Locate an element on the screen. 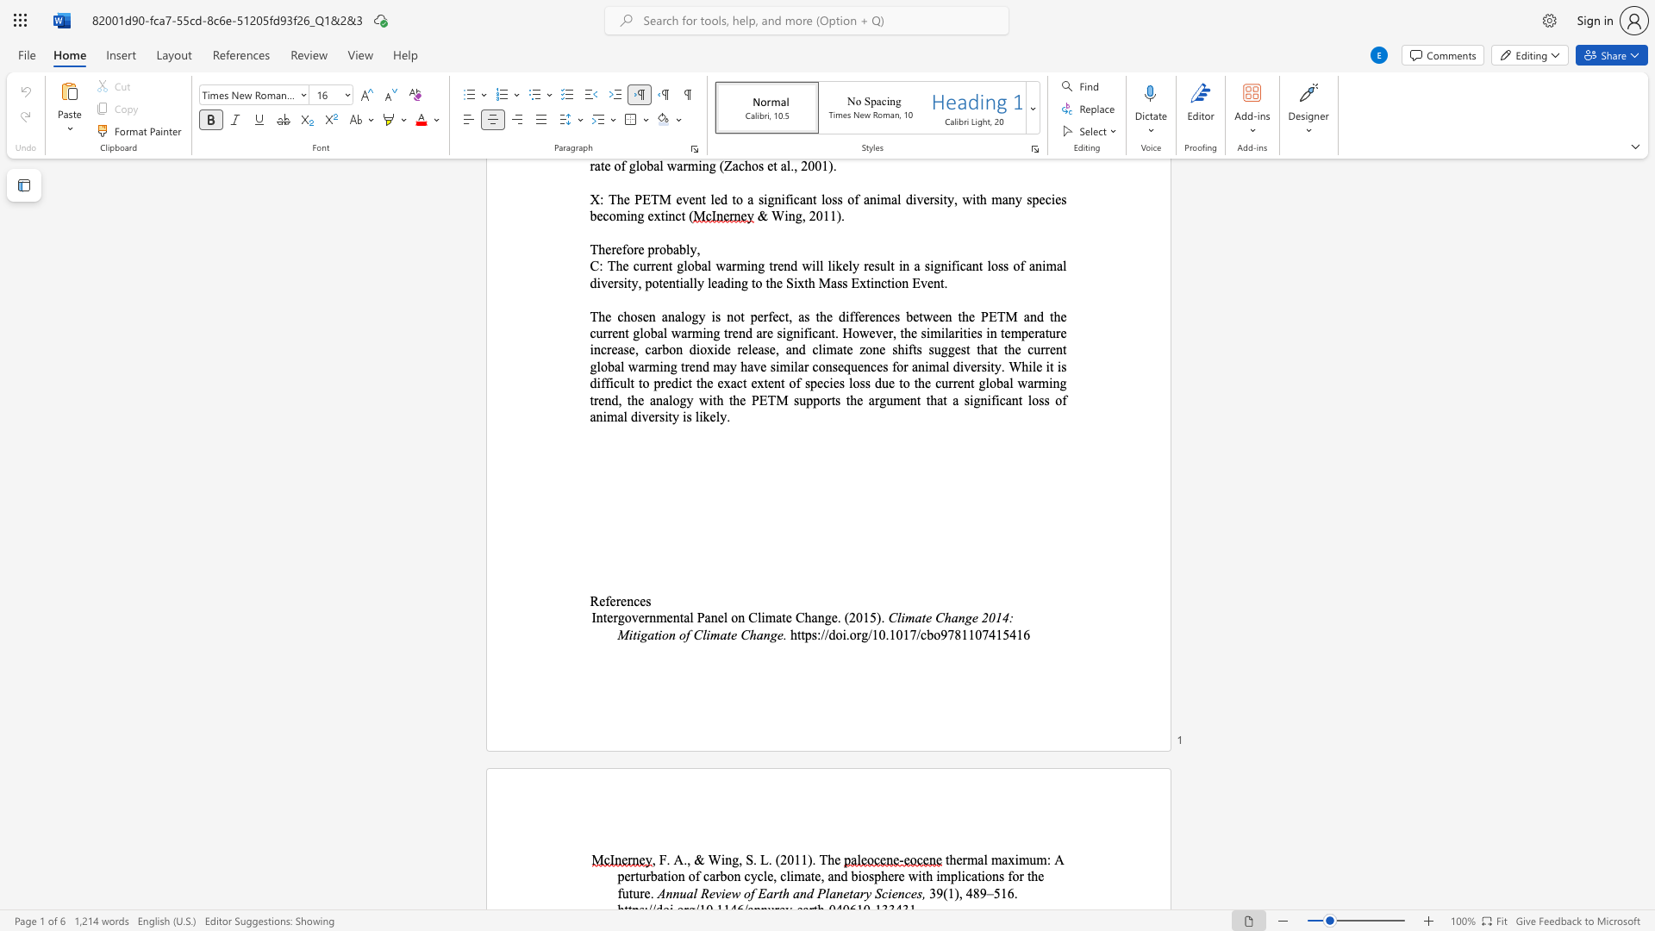 The width and height of the screenshot is (1655, 931). the subset text "Wing, S. L. (2011" within the text ", F. A., & Wing, S. L. (2011). The" is located at coordinates (708, 859).